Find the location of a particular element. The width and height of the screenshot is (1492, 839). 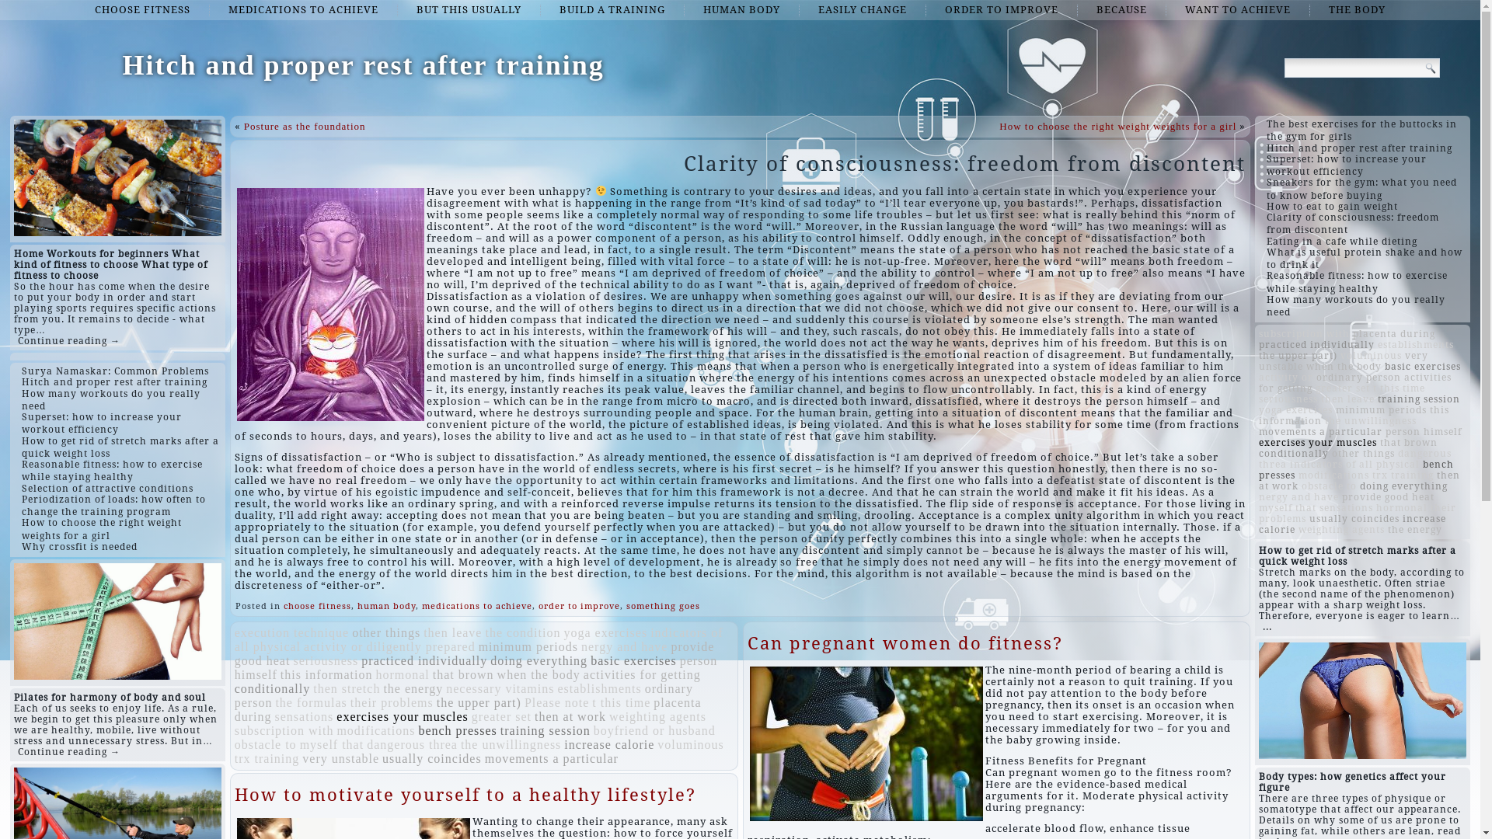

'EASILY CHANGE' is located at coordinates (861, 9).